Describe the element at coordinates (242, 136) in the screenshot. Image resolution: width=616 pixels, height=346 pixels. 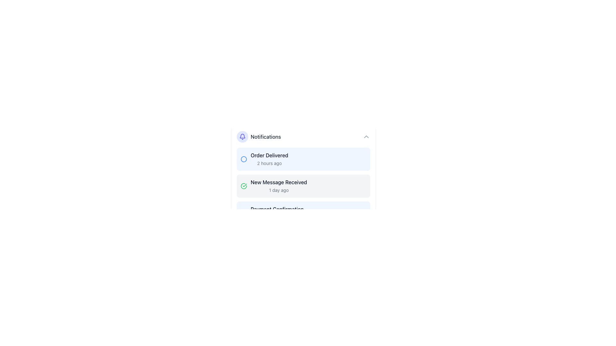
I see `the notification bell icon located in the upper right corner of the notification panel, which indicates the presence of new notifications` at that location.